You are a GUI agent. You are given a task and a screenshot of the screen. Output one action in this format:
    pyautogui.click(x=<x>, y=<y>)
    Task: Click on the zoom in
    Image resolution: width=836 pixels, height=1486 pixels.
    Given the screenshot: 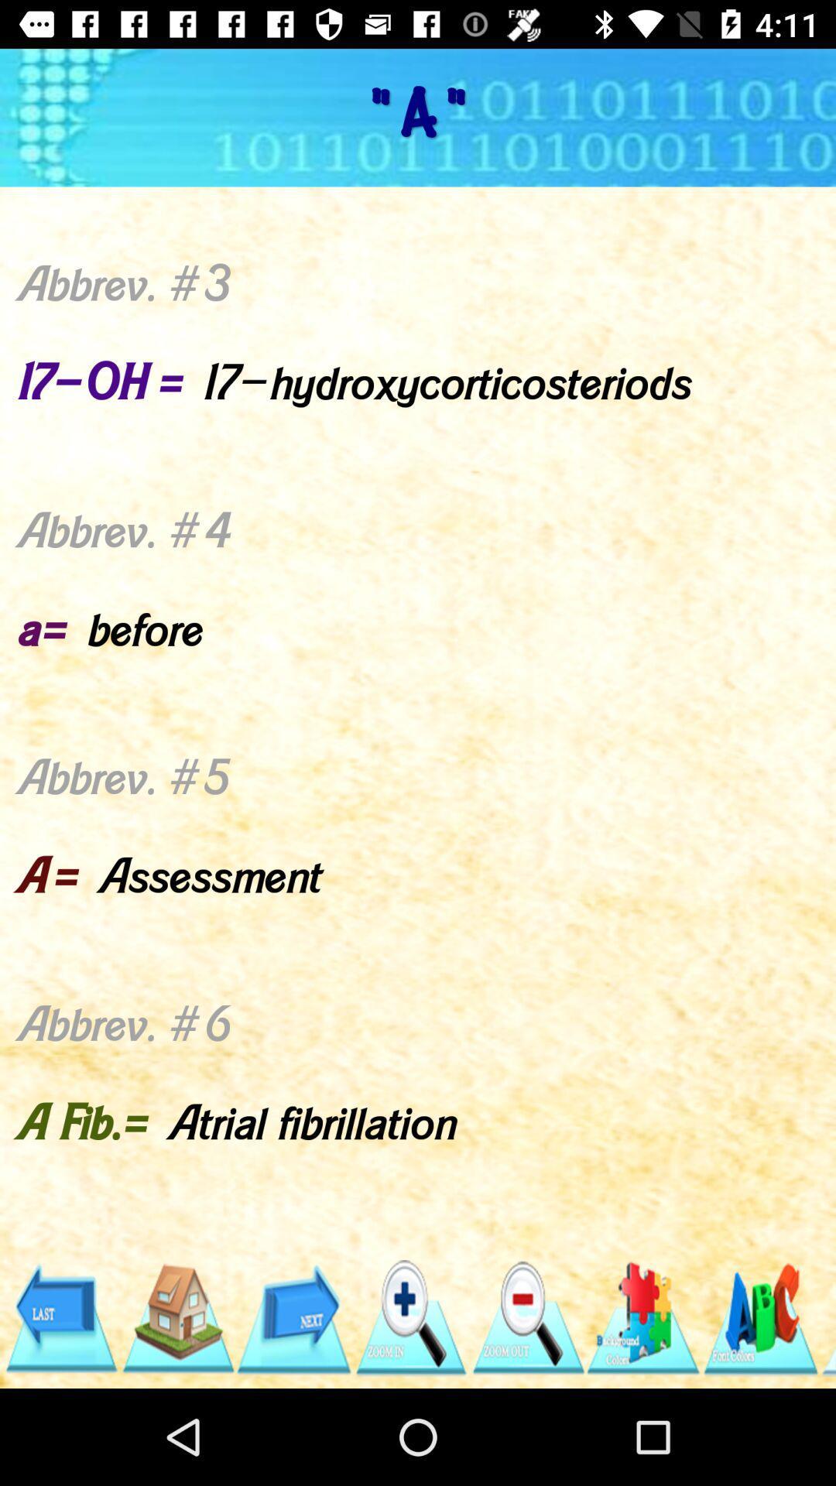 What is the action you would take?
    pyautogui.click(x=409, y=1317)
    